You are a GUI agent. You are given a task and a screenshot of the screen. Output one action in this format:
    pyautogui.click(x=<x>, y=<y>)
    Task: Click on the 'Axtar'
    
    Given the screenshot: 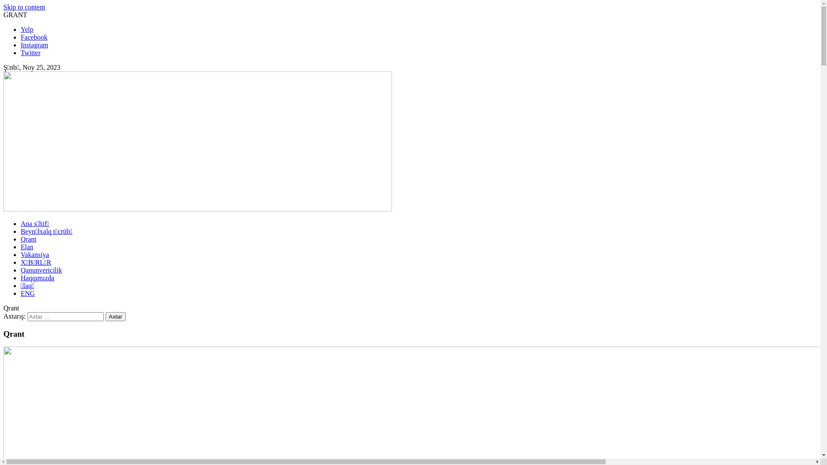 What is the action you would take?
    pyautogui.click(x=115, y=316)
    